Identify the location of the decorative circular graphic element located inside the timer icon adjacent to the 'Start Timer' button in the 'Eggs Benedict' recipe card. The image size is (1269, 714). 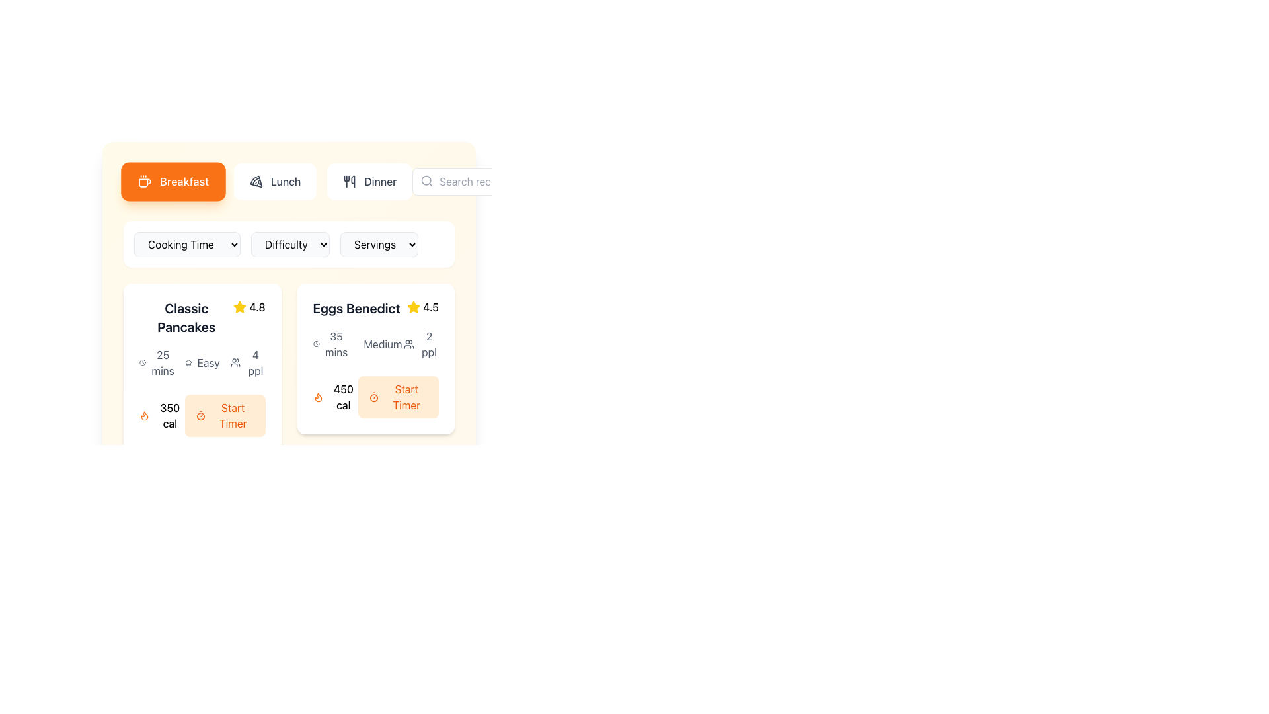
(200, 416).